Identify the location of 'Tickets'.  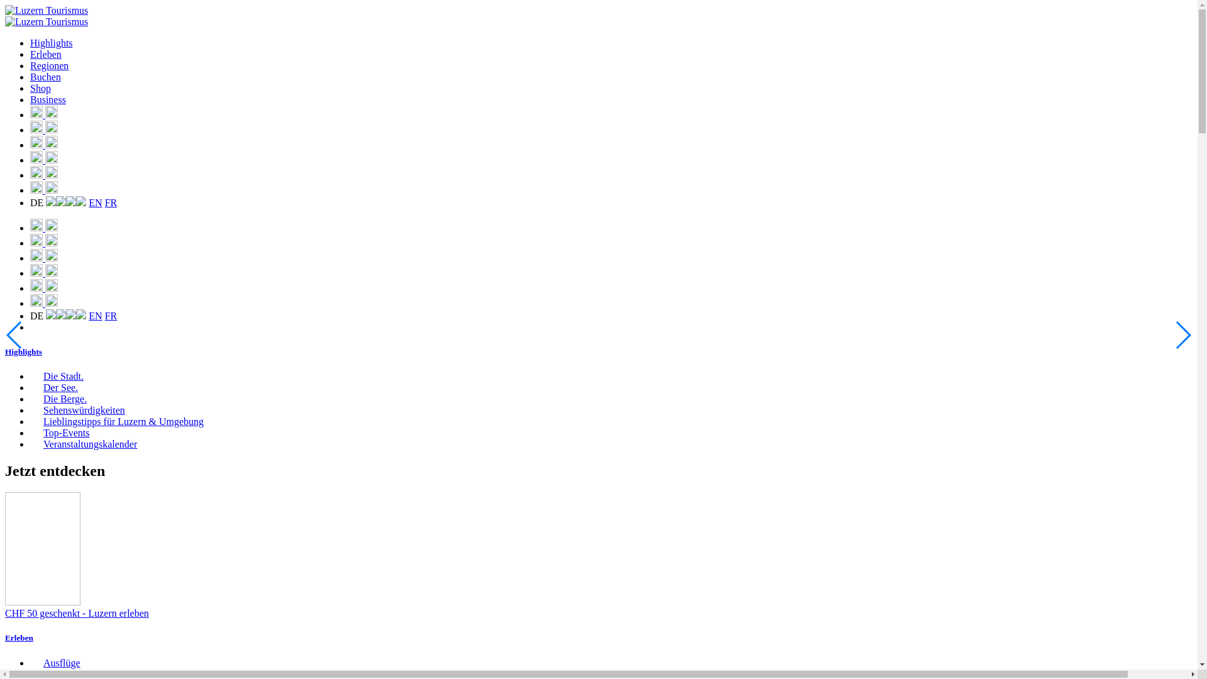
(44, 159).